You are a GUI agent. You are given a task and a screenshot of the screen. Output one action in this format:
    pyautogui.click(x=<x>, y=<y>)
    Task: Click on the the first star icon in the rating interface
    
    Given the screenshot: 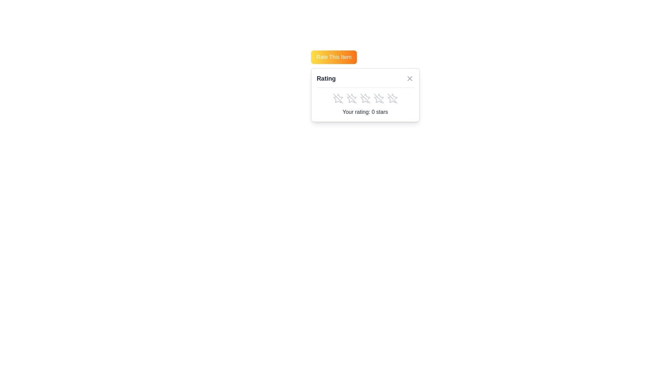 What is the action you would take?
    pyautogui.click(x=337, y=99)
    